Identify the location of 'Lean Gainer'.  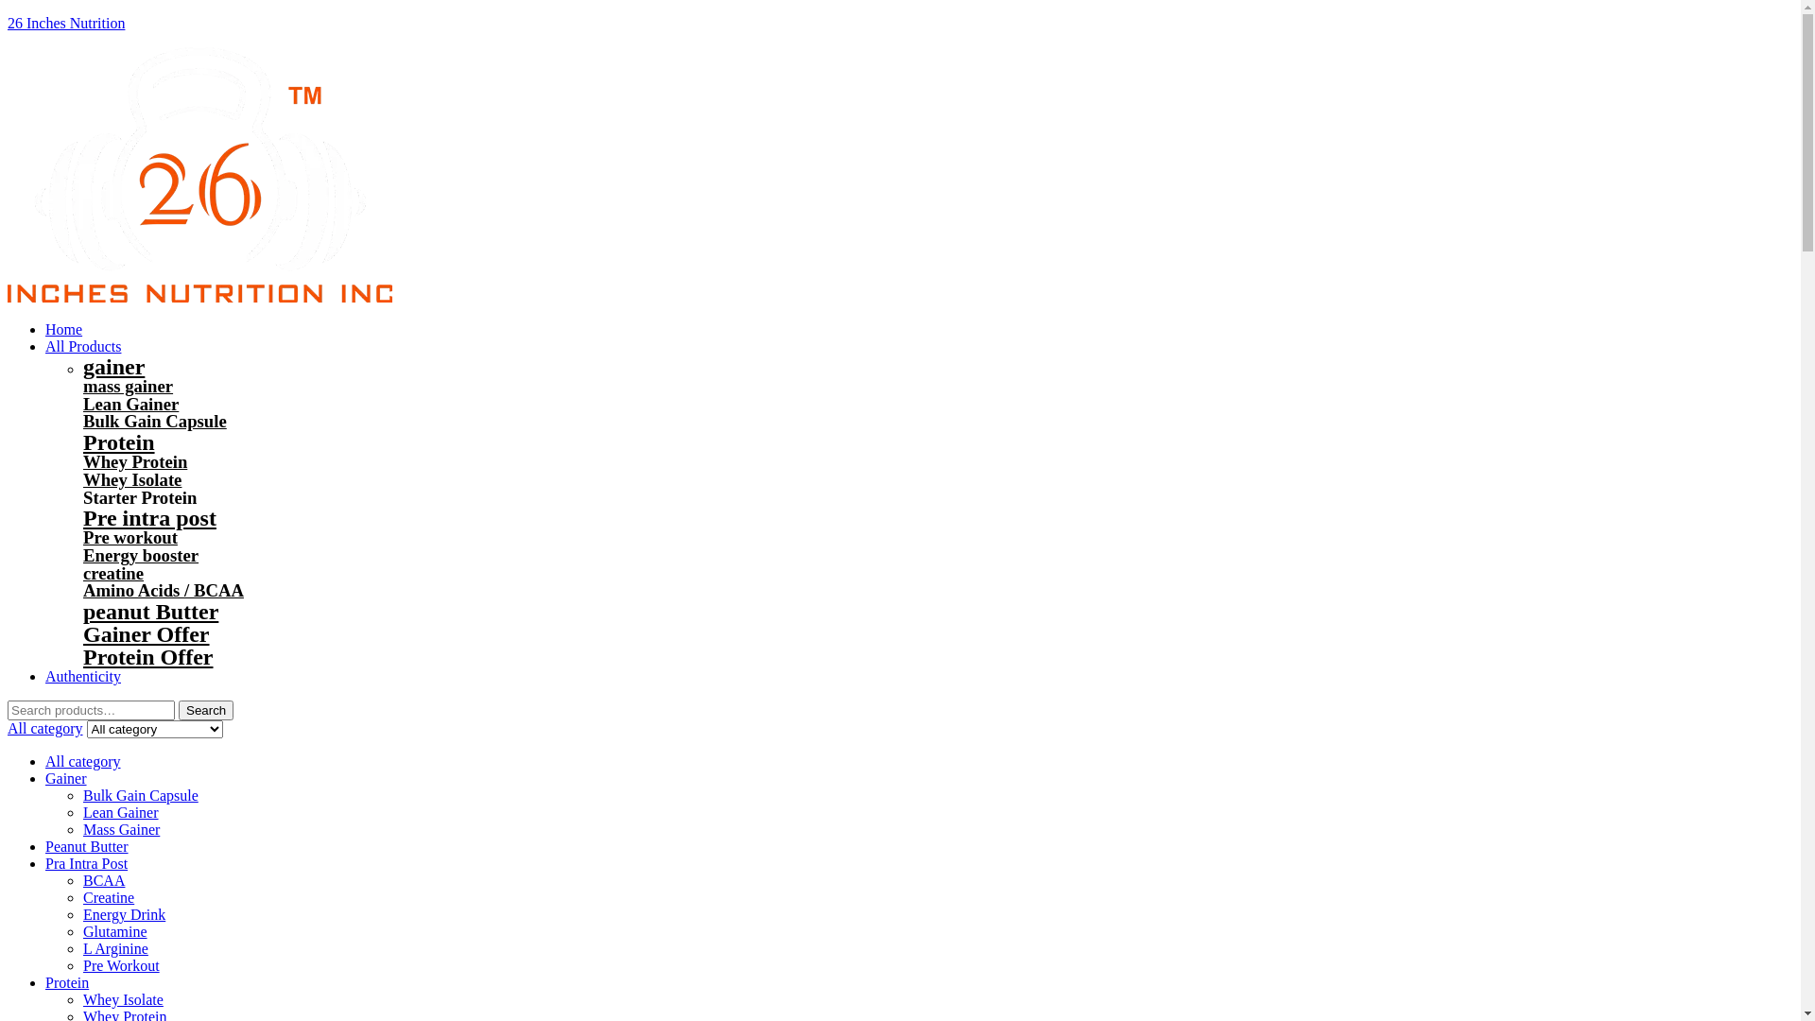
(120, 811).